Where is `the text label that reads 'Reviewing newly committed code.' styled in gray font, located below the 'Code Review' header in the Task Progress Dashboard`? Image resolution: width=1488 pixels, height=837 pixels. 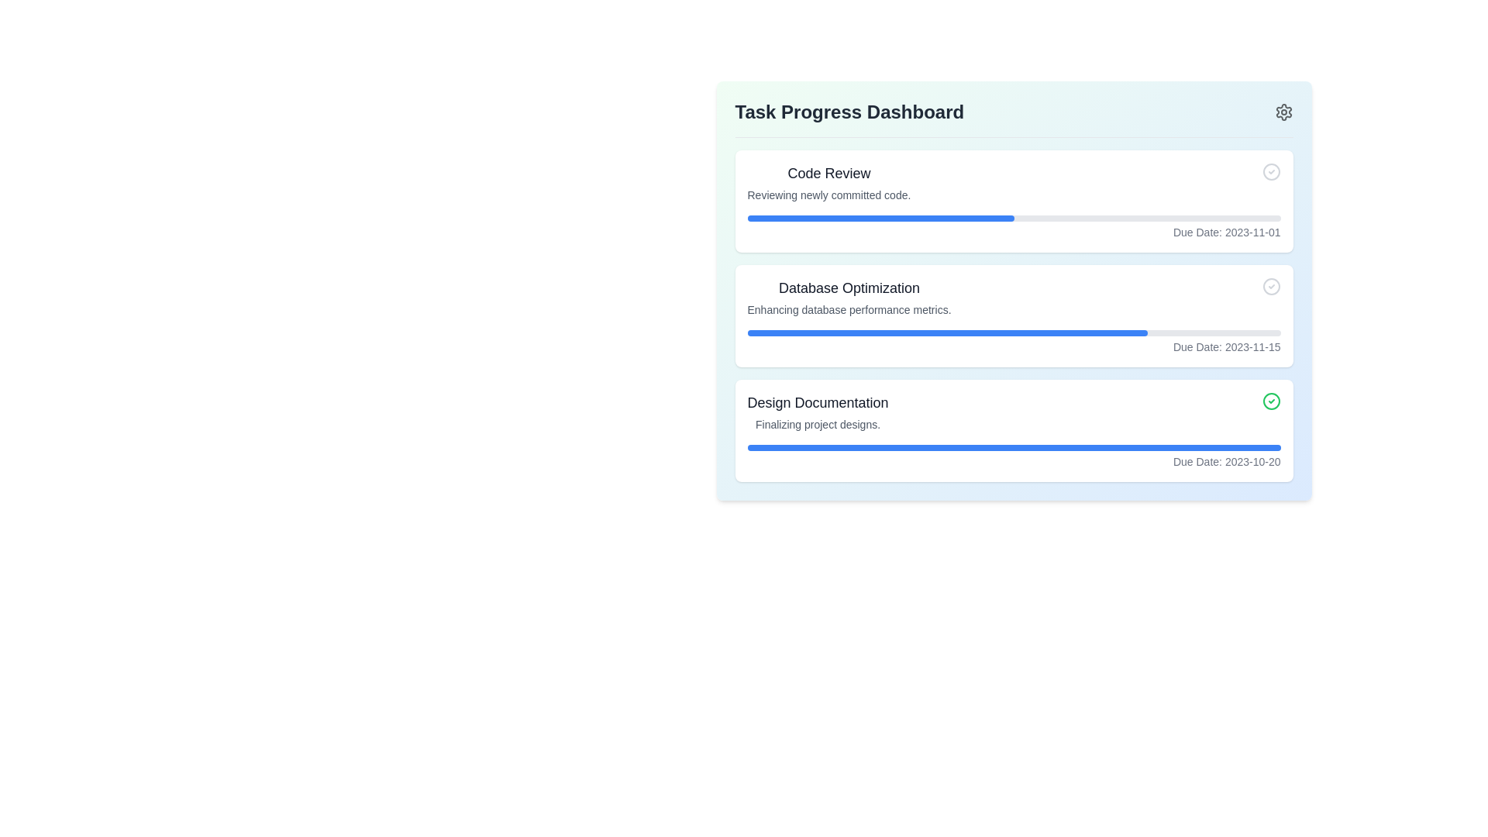
the text label that reads 'Reviewing newly committed code.' styled in gray font, located below the 'Code Review' header in the Task Progress Dashboard is located at coordinates (828, 194).